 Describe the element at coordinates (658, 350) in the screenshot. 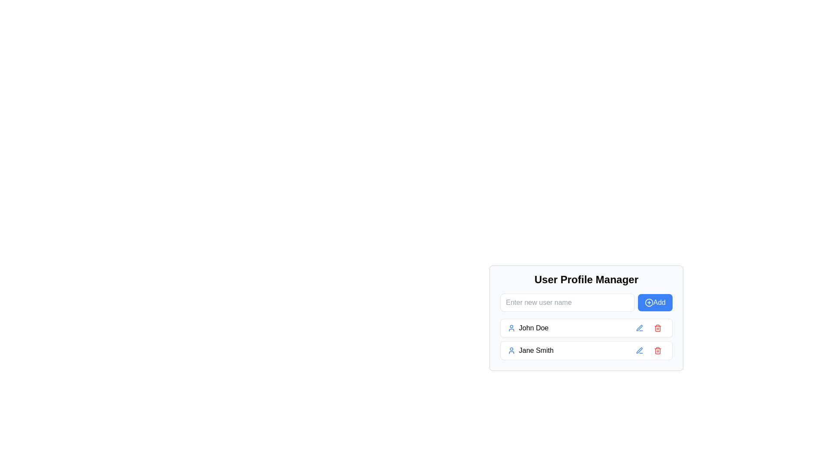

I see `the red trash can icon indicating a delete action, located in the second row next to 'Jane Smith'` at that location.